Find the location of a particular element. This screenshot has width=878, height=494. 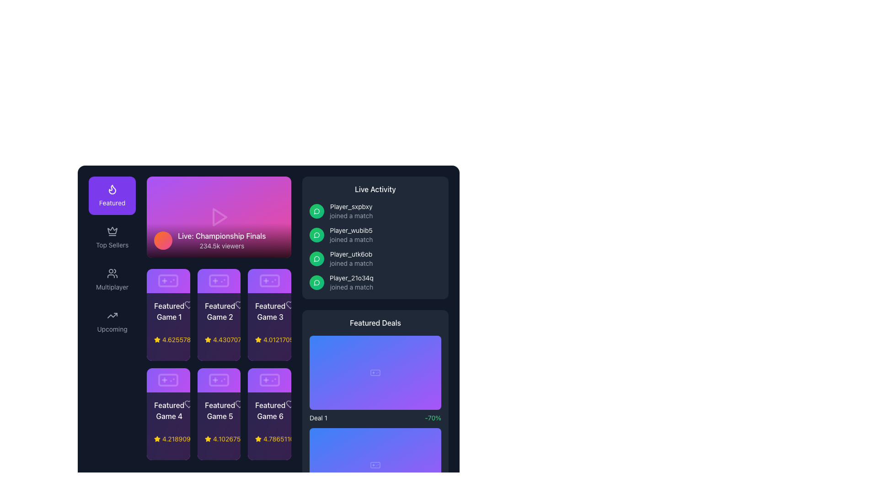

the heart icon located in the upper-right corner of the 'Featured Game 2' card is located at coordinates (239, 305).